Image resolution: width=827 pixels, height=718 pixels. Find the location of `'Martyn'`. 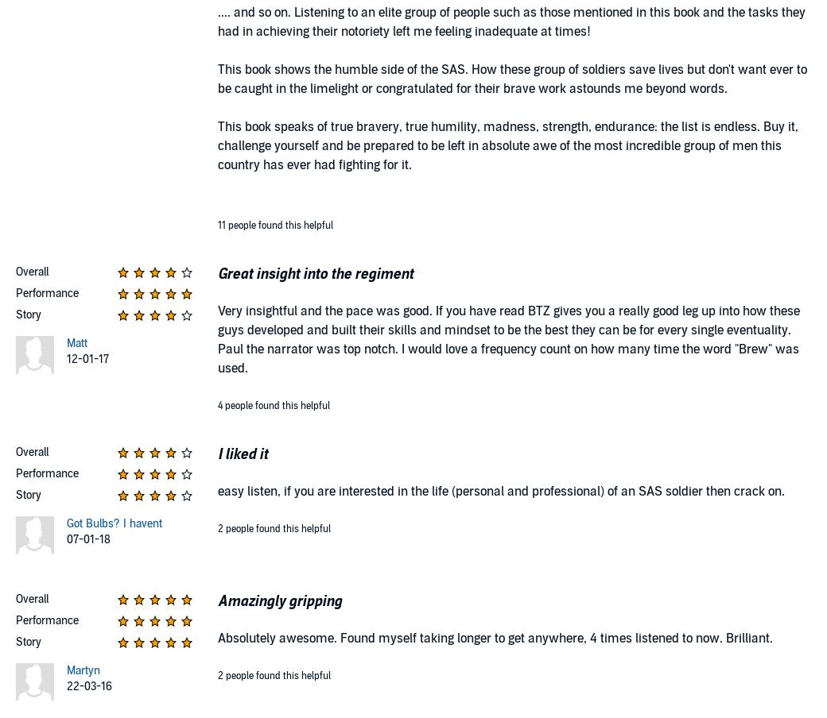

'Martyn' is located at coordinates (82, 669).